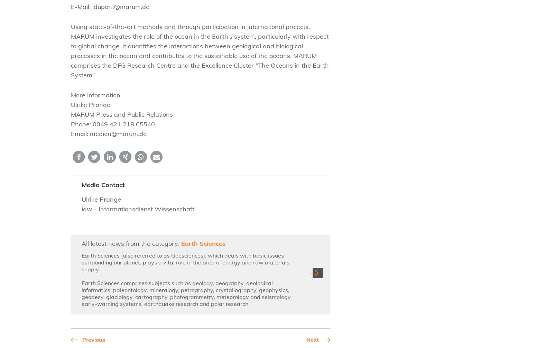 The image size is (536, 348). I want to click on 'Next', so click(306, 340).